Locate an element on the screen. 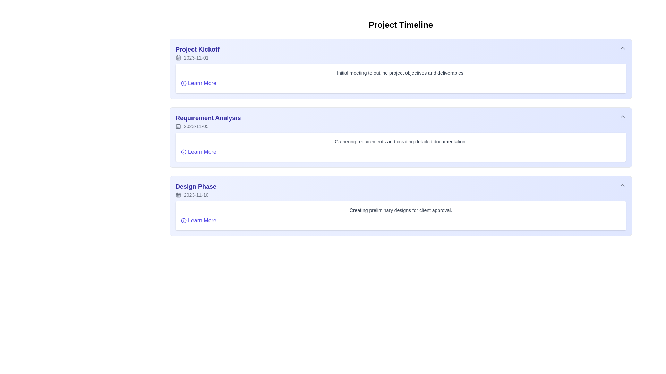  the date icon associated with the 'Project Kickoff' event, located to the left of the date text '2023-11-01' and below the title 'Project Kickoff' is located at coordinates (178, 57).